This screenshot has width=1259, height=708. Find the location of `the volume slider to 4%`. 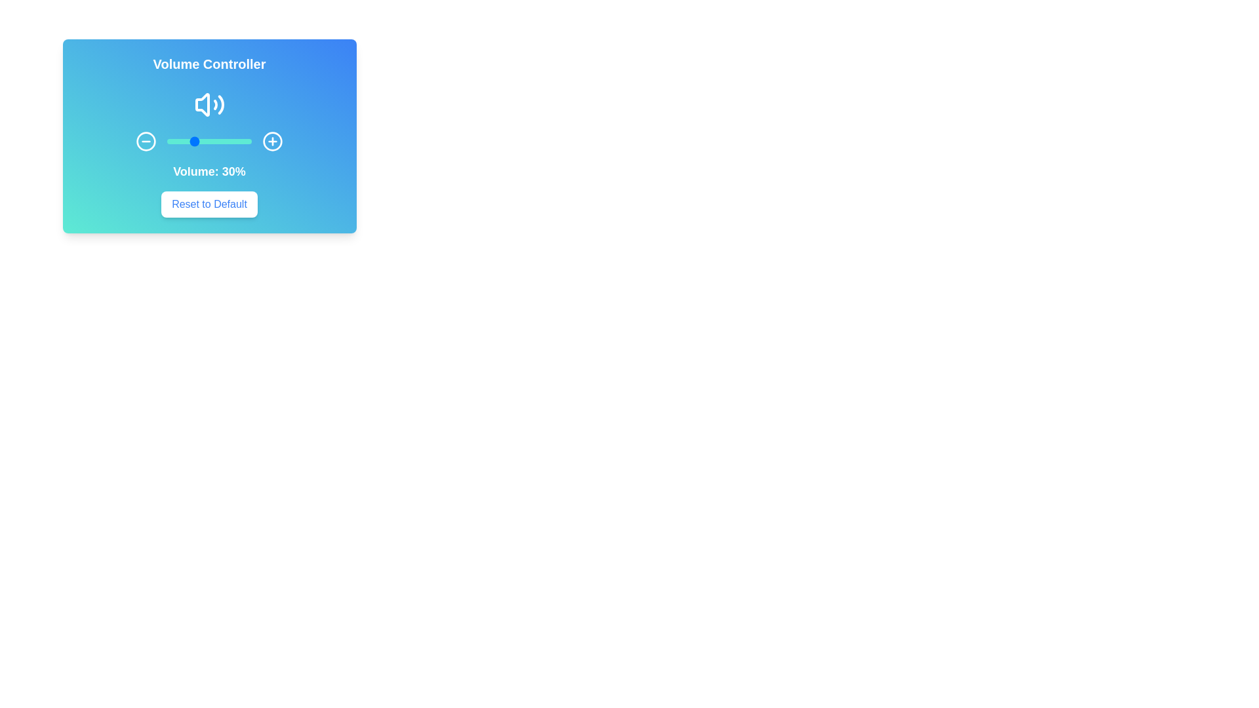

the volume slider to 4% is located at coordinates (170, 142).